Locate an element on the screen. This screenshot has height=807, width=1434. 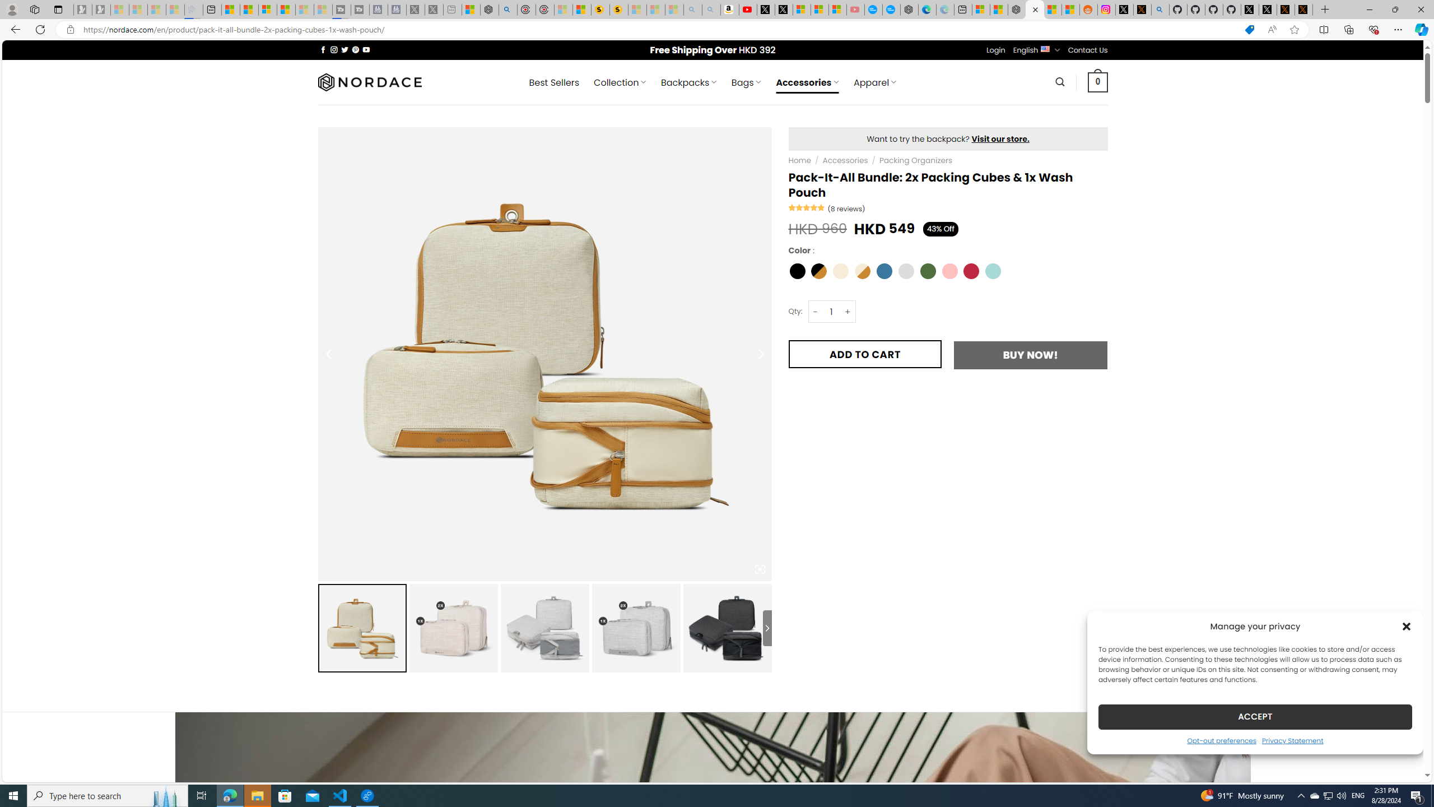
'Day 1: Arriving in Yemen (surreal to be here) - YouTube' is located at coordinates (747, 9).